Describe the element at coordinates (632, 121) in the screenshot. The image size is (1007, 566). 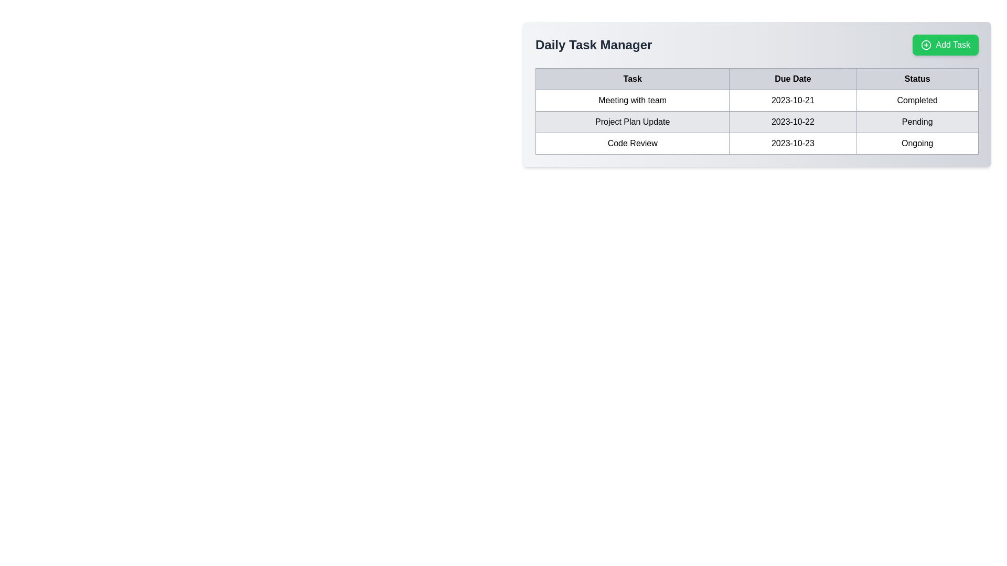
I see `text from the table cell displaying 'Project Plan Update' located in the first cell of the second row under the 'Task' column` at that location.